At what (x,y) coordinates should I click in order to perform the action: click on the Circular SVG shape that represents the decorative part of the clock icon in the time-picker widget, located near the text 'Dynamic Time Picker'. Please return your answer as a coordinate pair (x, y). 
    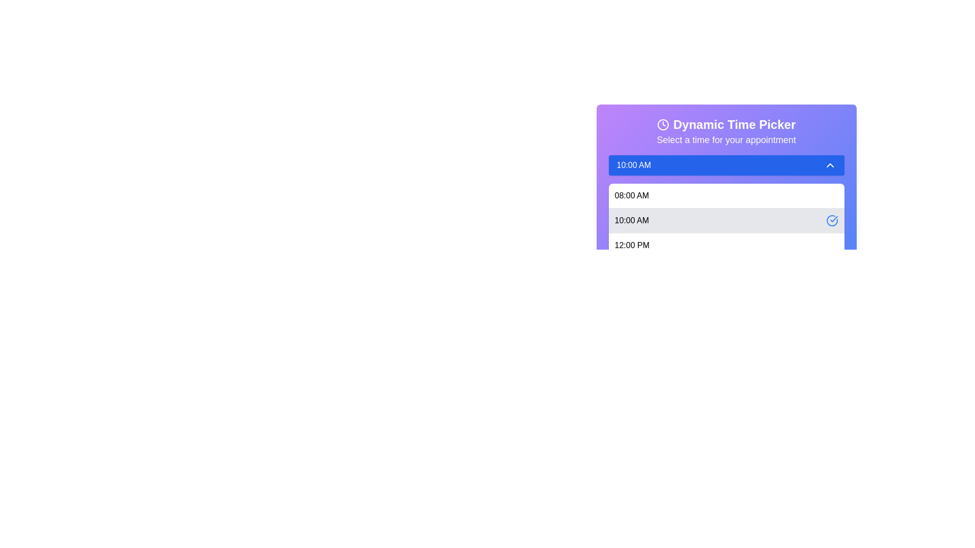
    Looking at the image, I should click on (663, 124).